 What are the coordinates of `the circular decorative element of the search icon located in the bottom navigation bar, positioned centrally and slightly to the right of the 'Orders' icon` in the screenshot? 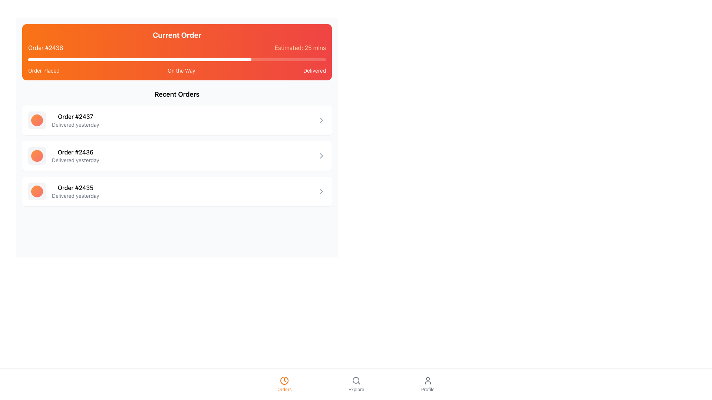 It's located at (356, 380).